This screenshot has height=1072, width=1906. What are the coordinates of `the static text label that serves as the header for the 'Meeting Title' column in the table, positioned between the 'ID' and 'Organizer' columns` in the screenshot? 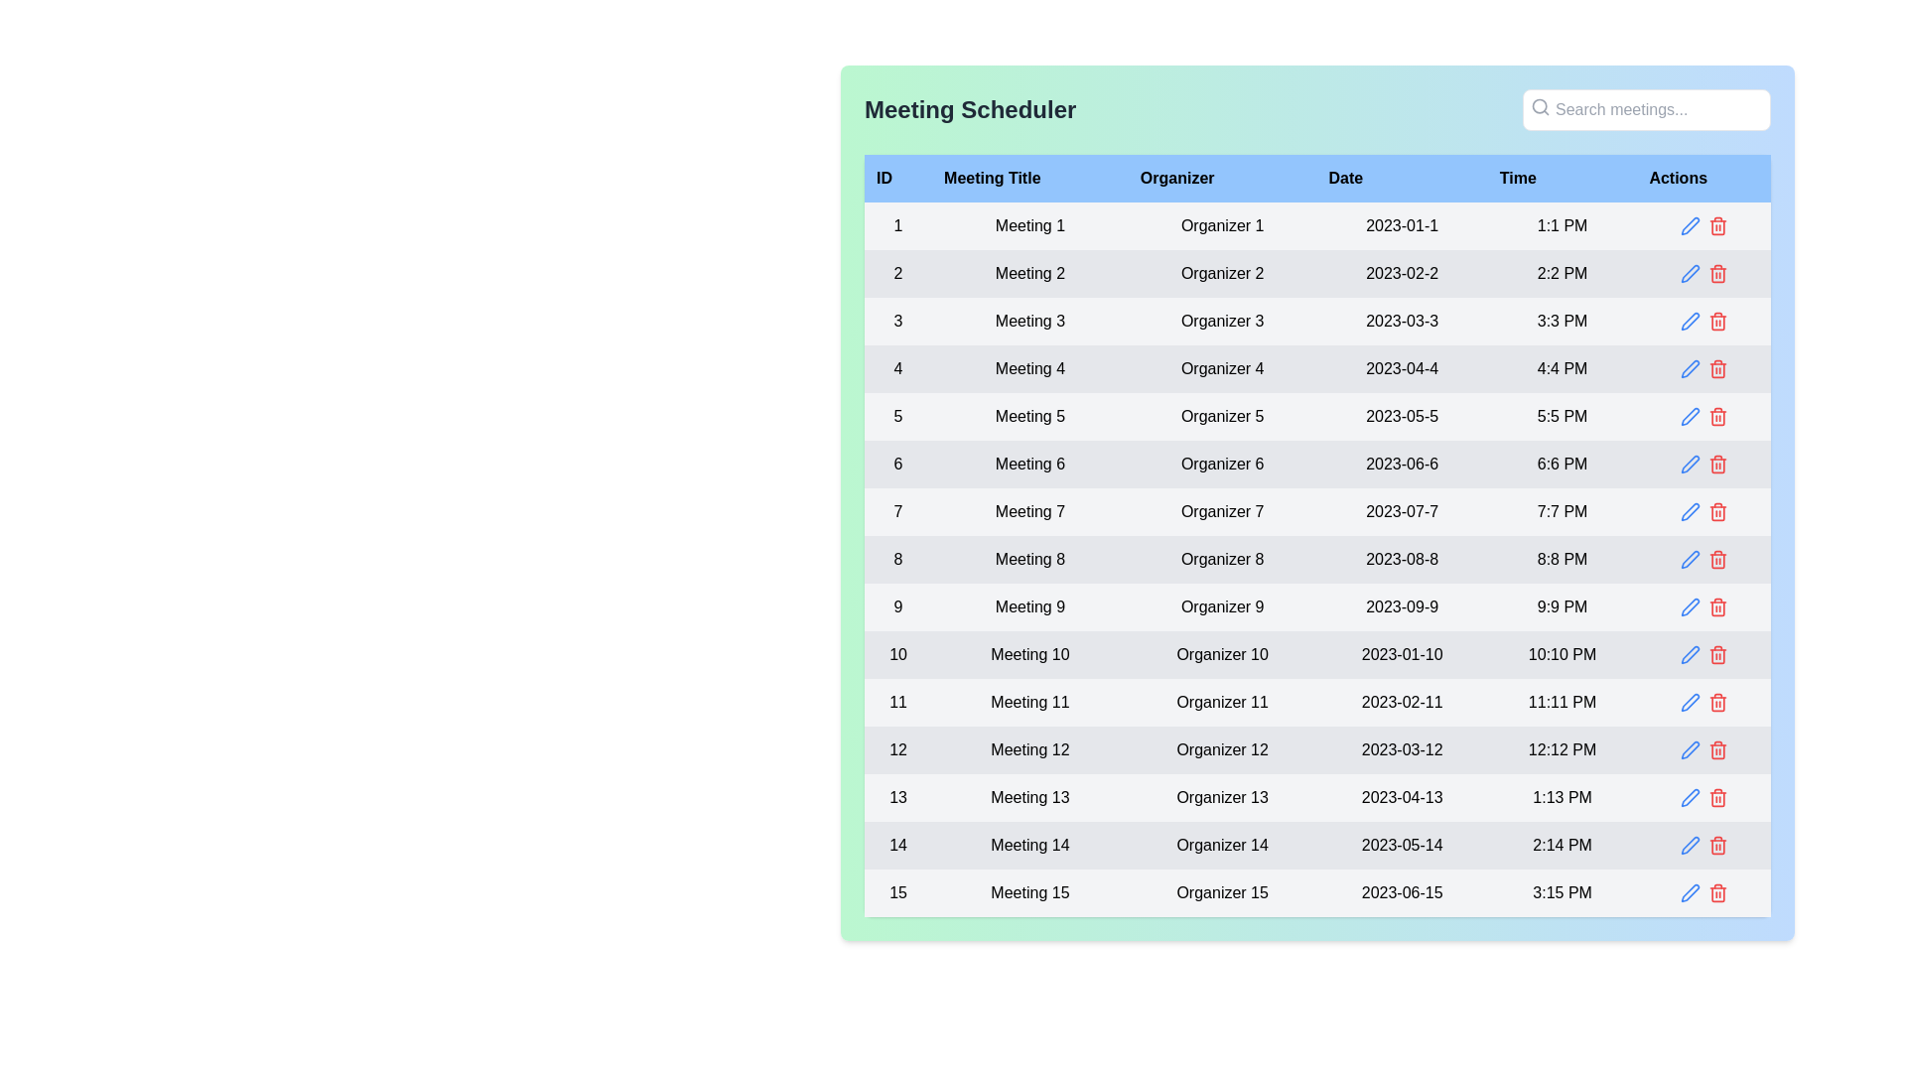 It's located at (1029, 179).